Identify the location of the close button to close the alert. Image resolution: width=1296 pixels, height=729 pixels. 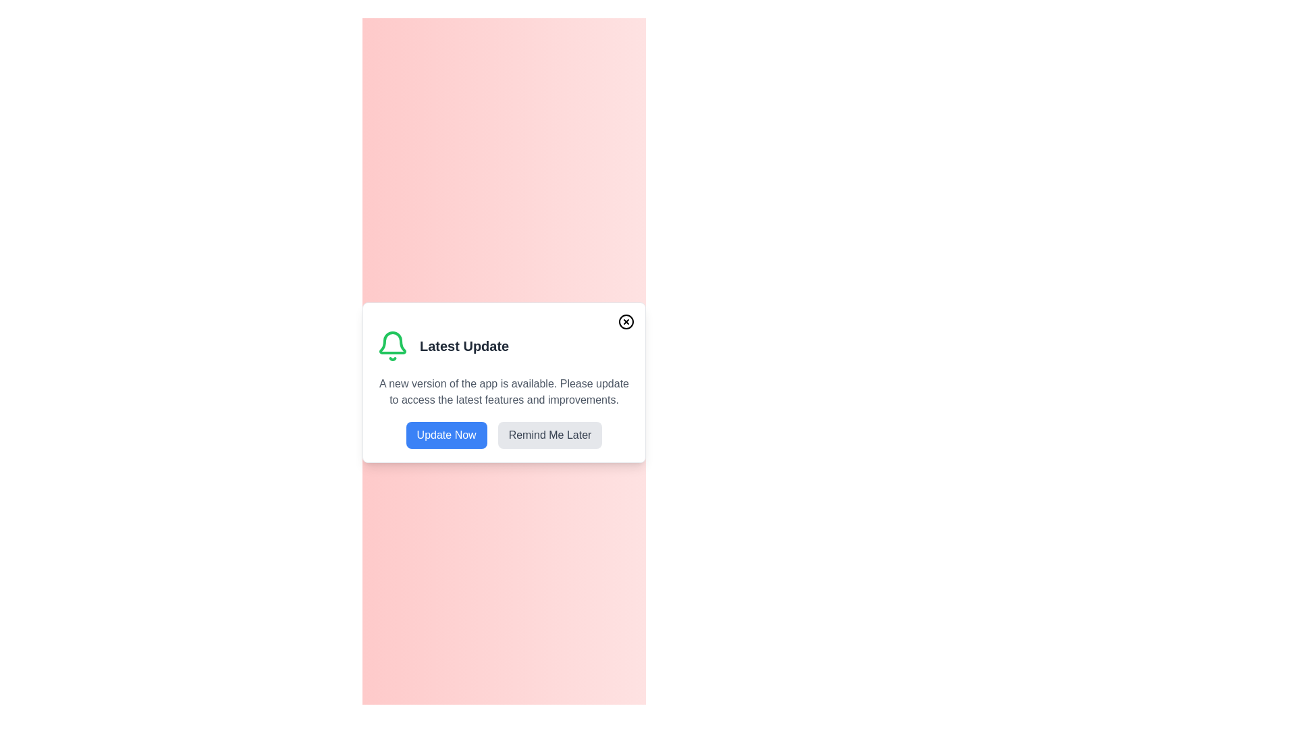
(625, 322).